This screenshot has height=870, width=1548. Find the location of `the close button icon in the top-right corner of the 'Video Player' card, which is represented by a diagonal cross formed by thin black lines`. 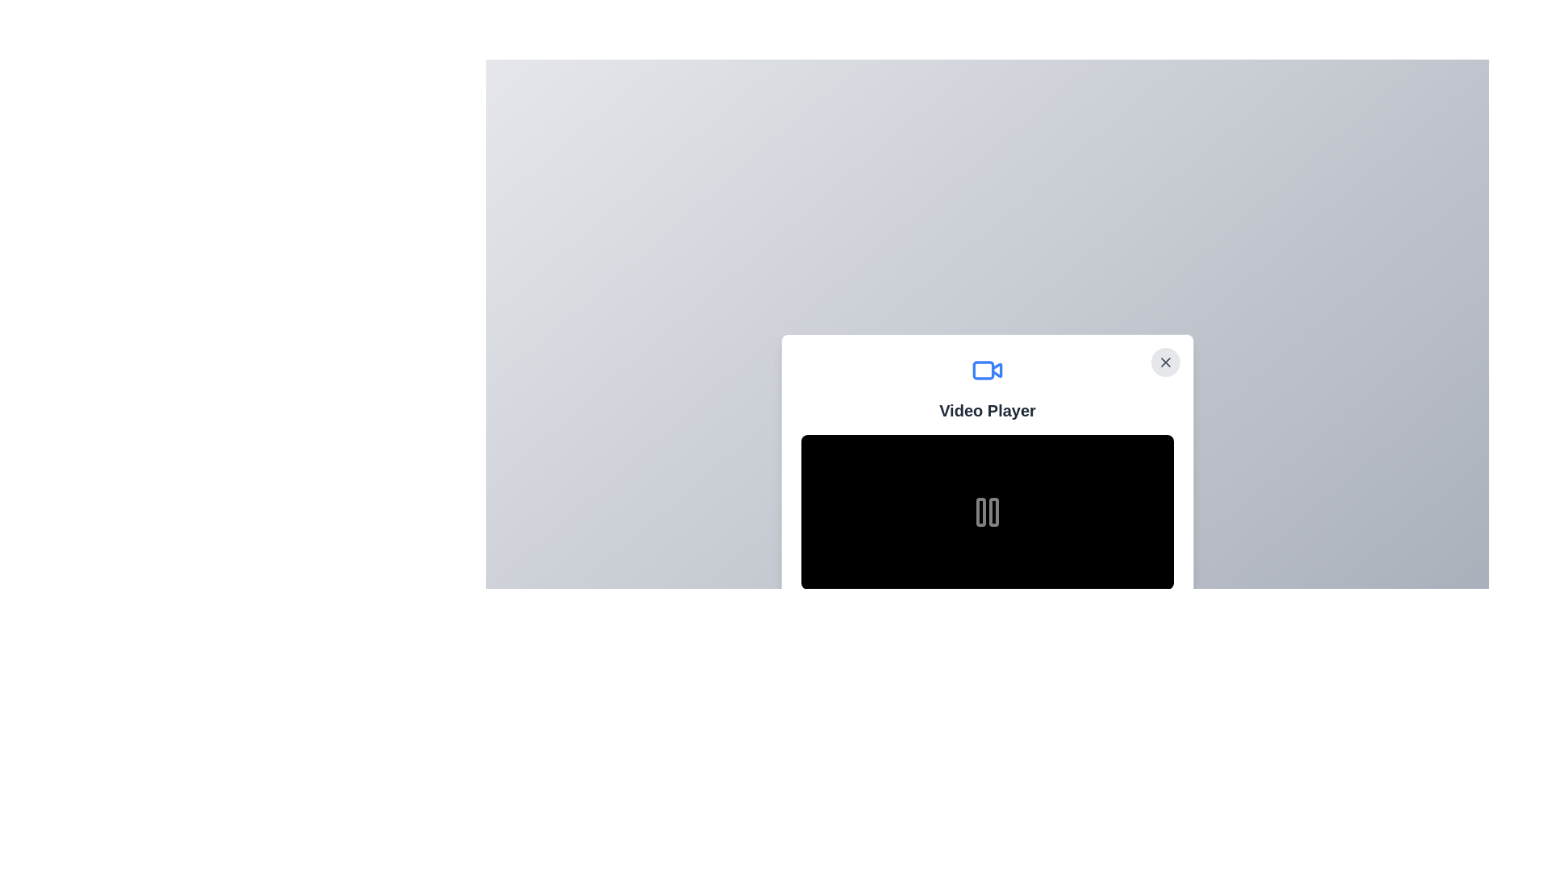

the close button icon in the top-right corner of the 'Video Player' card, which is represented by a diagonal cross formed by thin black lines is located at coordinates (1165, 362).